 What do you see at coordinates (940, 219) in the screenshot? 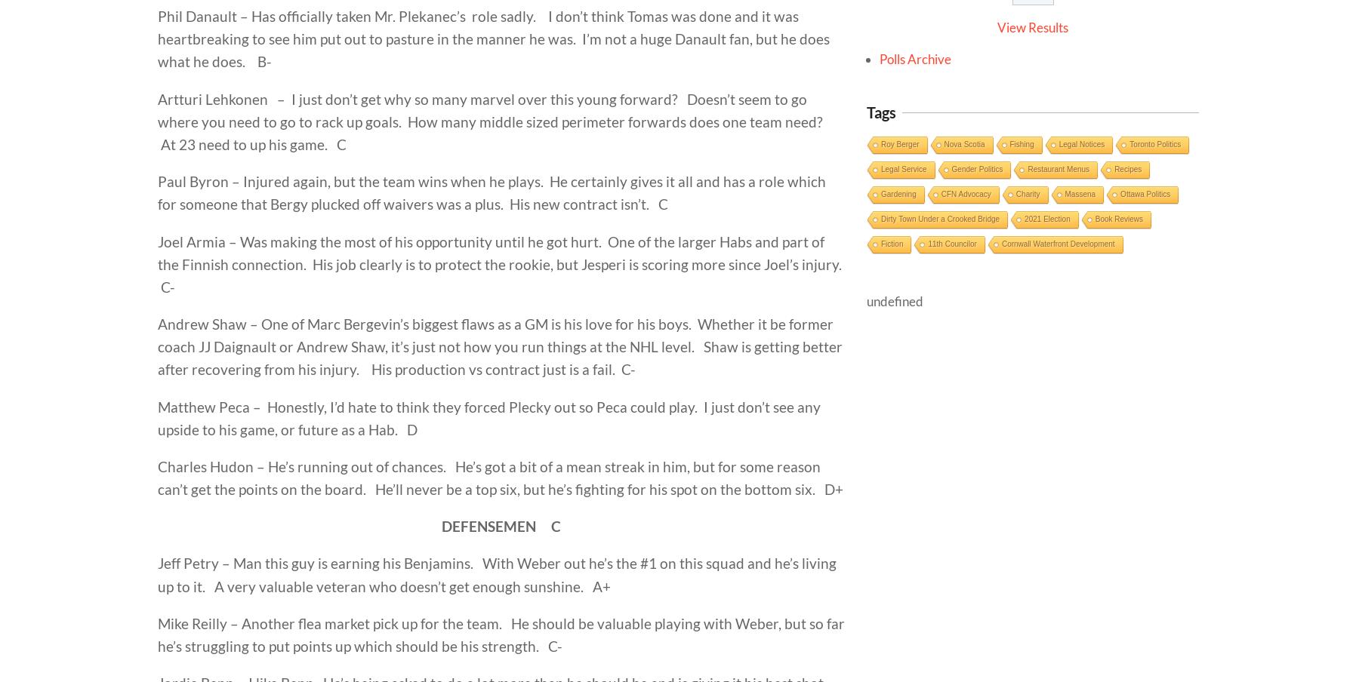
I see `'Dirty Town Under a Crooked Bridge'` at bounding box center [940, 219].